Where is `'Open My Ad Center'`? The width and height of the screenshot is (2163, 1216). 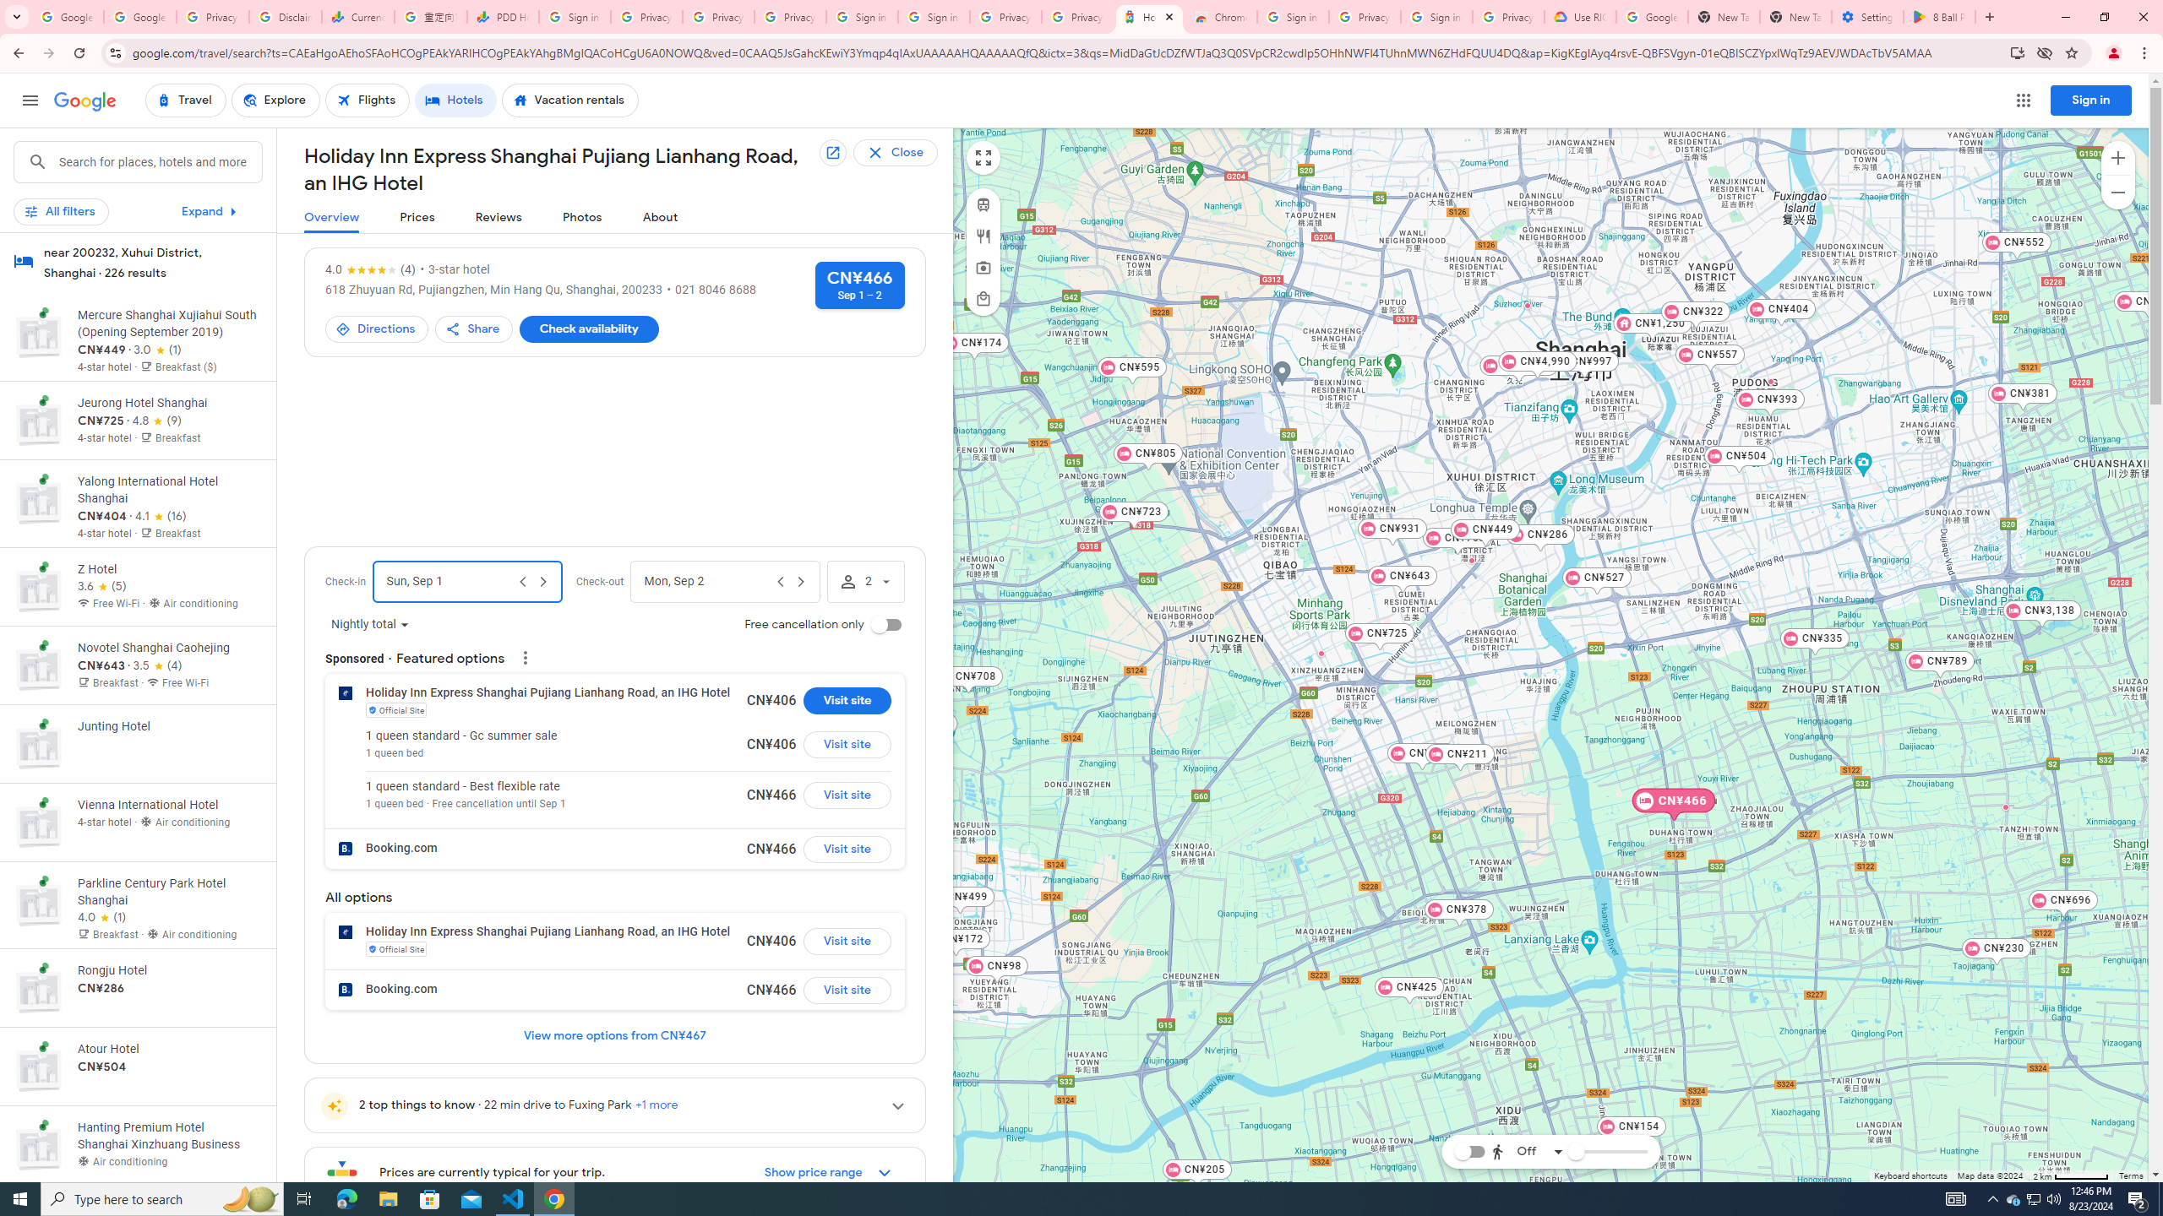
'Open My Ad Center' is located at coordinates (523, 656).